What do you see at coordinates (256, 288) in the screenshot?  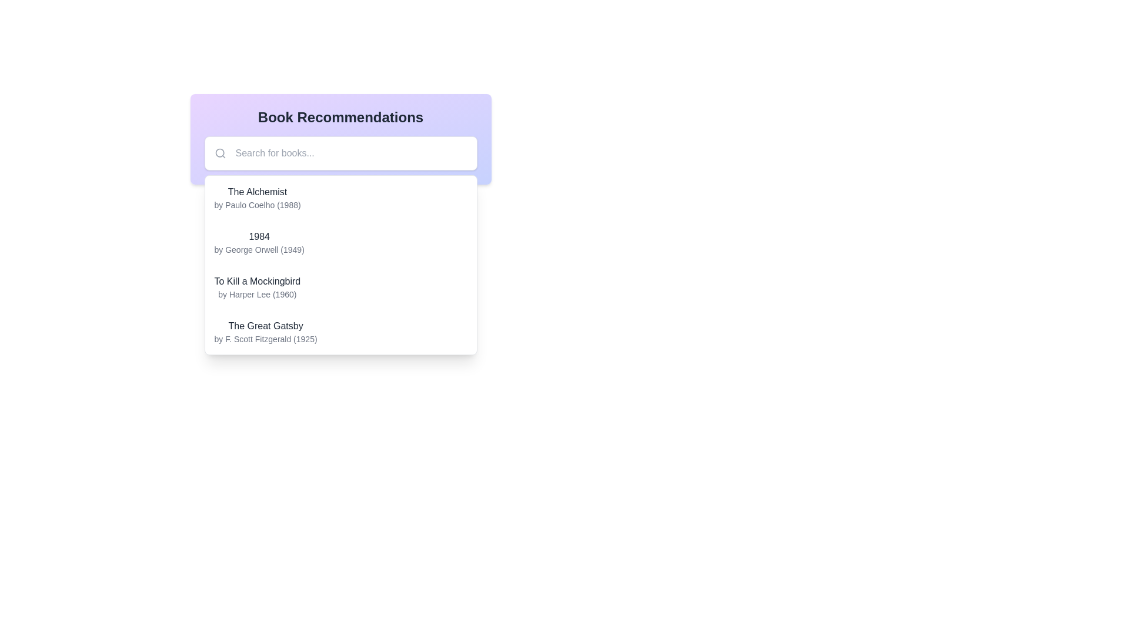 I see `text content of the third entry in the book recommendation list, which is positioned between '1984 by George Orwell (1949)' and 'The Great Gatsby by F. Scott Fitzgerald (1925)'` at bounding box center [256, 288].